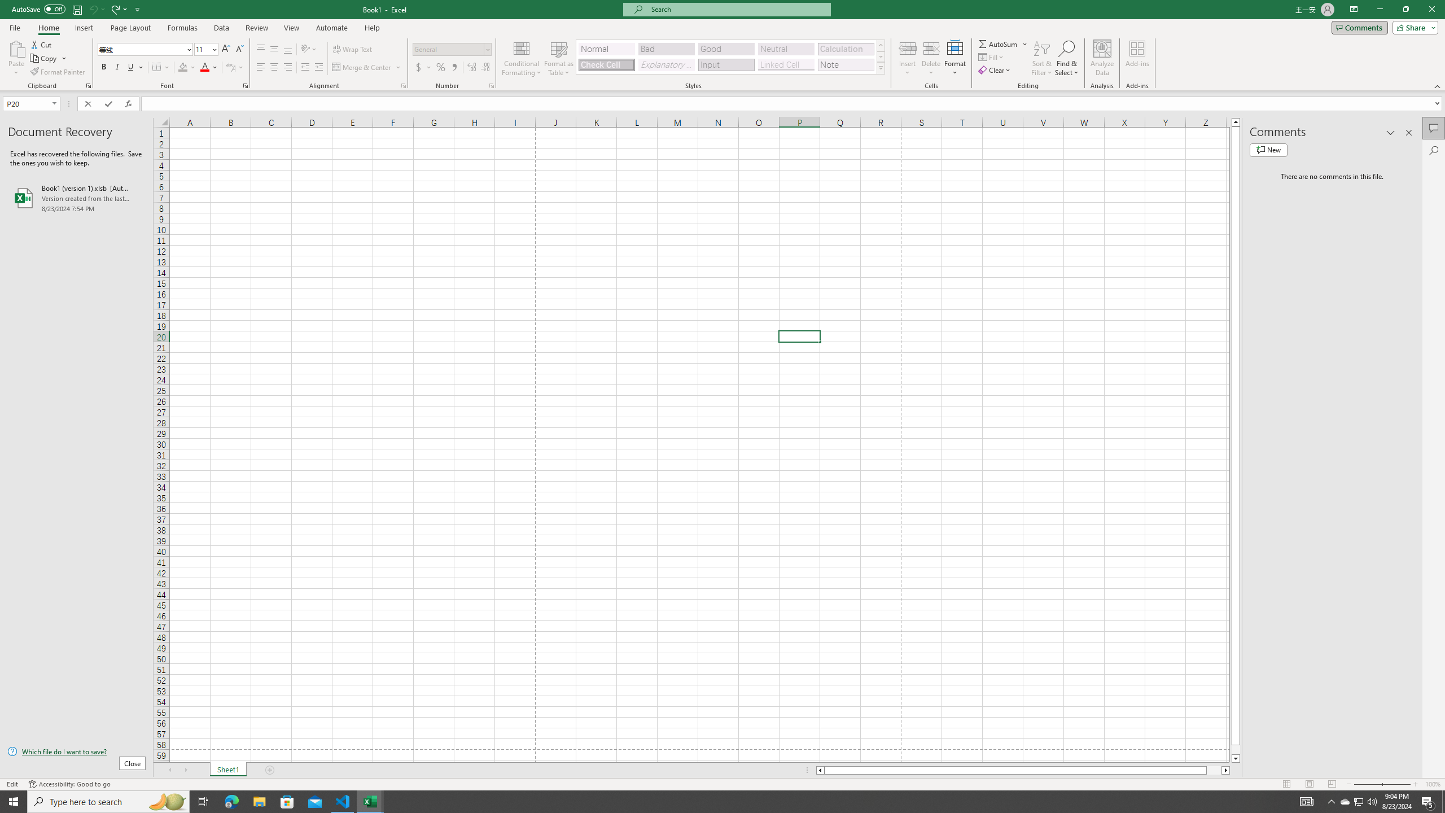 Image resolution: width=1445 pixels, height=813 pixels. I want to click on 'Scroll Right', so click(185, 770).